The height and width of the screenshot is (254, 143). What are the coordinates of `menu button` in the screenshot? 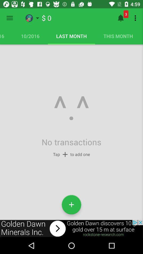 It's located at (10, 18).